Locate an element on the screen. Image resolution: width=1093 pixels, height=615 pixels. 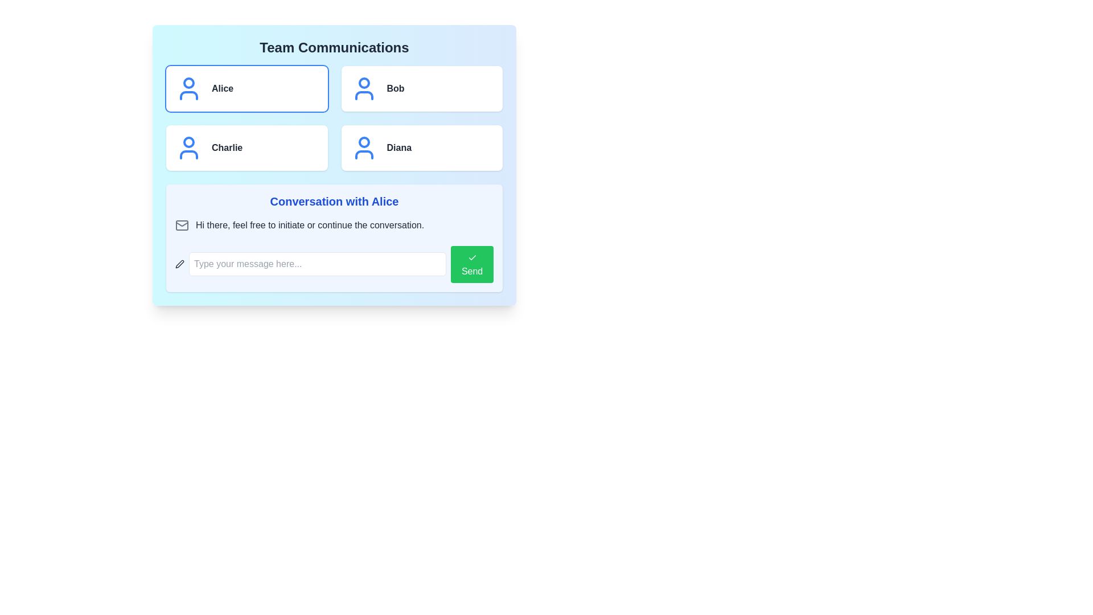
text content of the label displaying 'Alice', which is part of a list of communication options and is located next to a blue user icon is located at coordinates (223, 88).